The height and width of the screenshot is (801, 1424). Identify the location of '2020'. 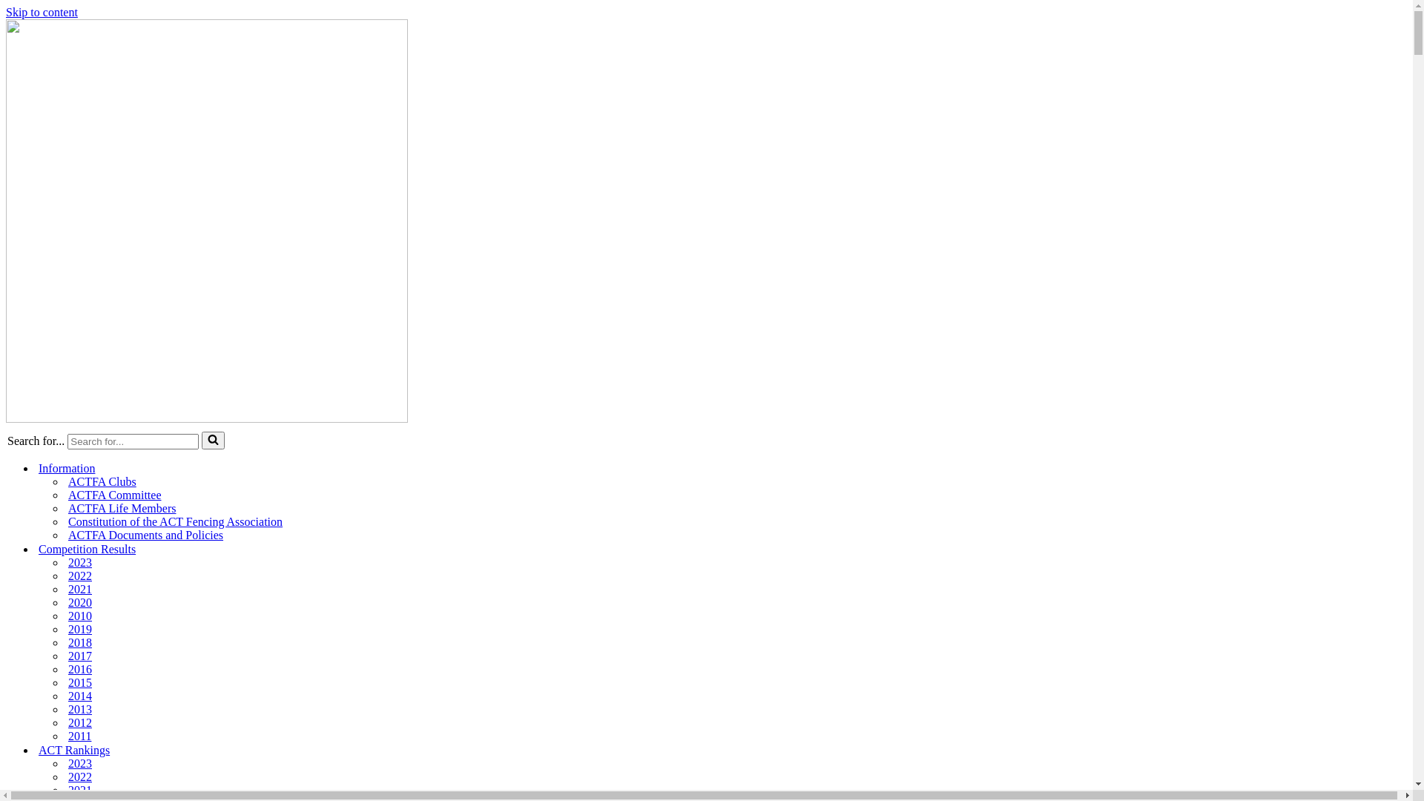
(67, 603).